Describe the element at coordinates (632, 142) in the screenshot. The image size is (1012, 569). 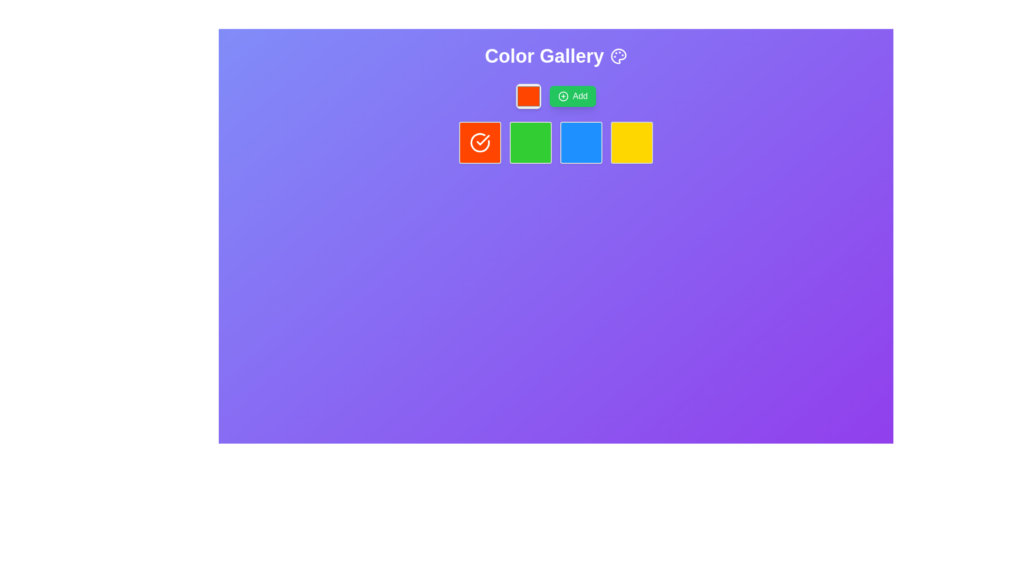
I see `the bright yellow square color selection item with rounded corners and a gray border` at that location.